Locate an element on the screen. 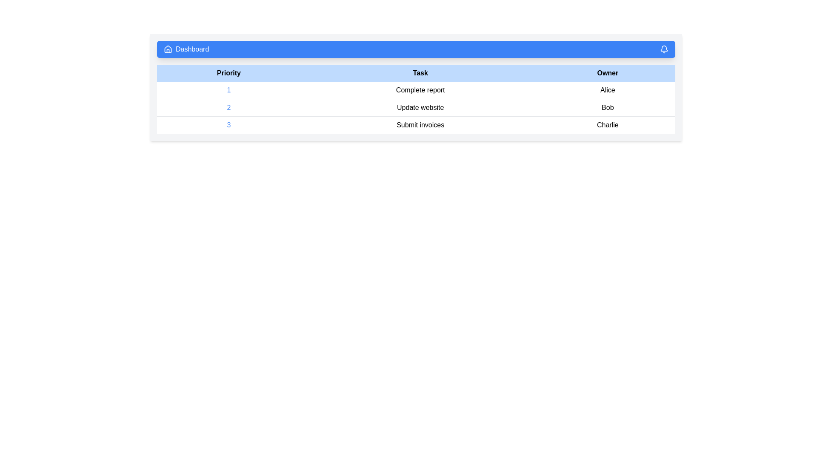 Image resolution: width=817 pixels, height=460 pixels. the text label displaying the name 'Bob' in black color under the 'Owner' column, aligned with the task titled 'Update website' is located at coordinates (607, 107).